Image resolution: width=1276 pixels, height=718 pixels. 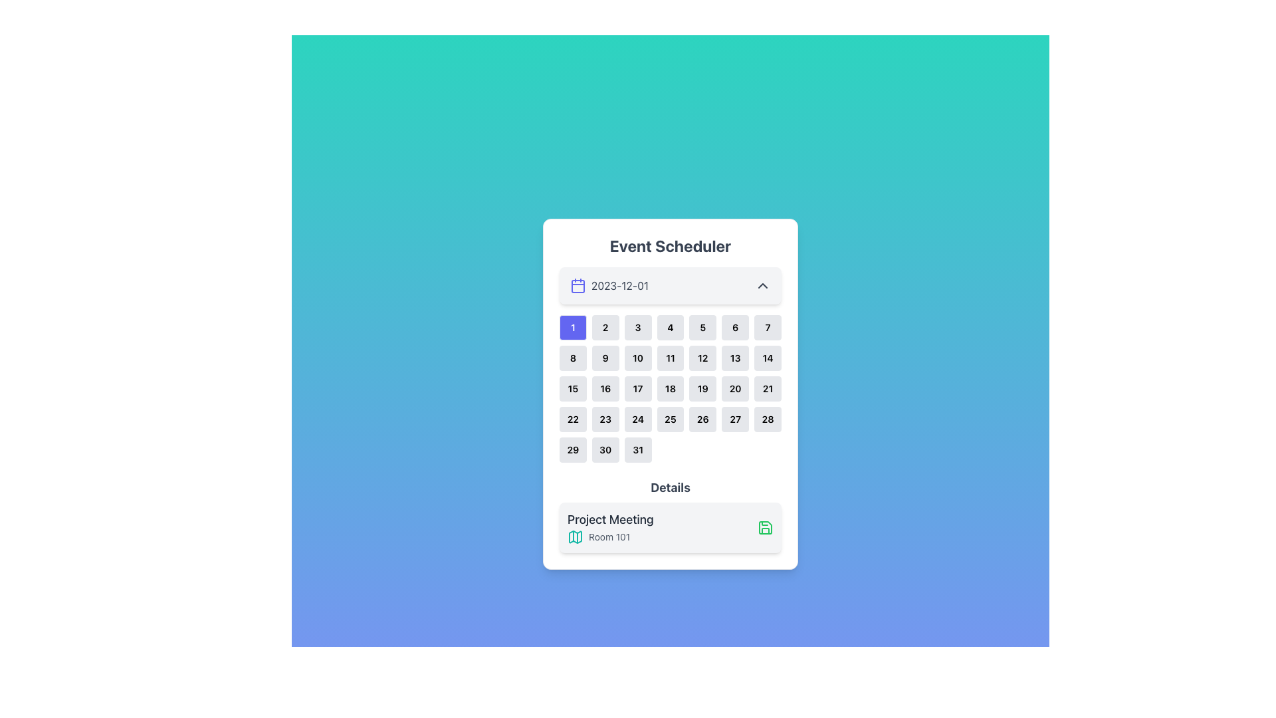 What do you see at coordinates (762, 285) in the screenshot?
I see `the upward-pointing chevron-shaped arrow icon located in the upper-right corner next to the date '2023-12-01'` at bounding box center [762, 285].